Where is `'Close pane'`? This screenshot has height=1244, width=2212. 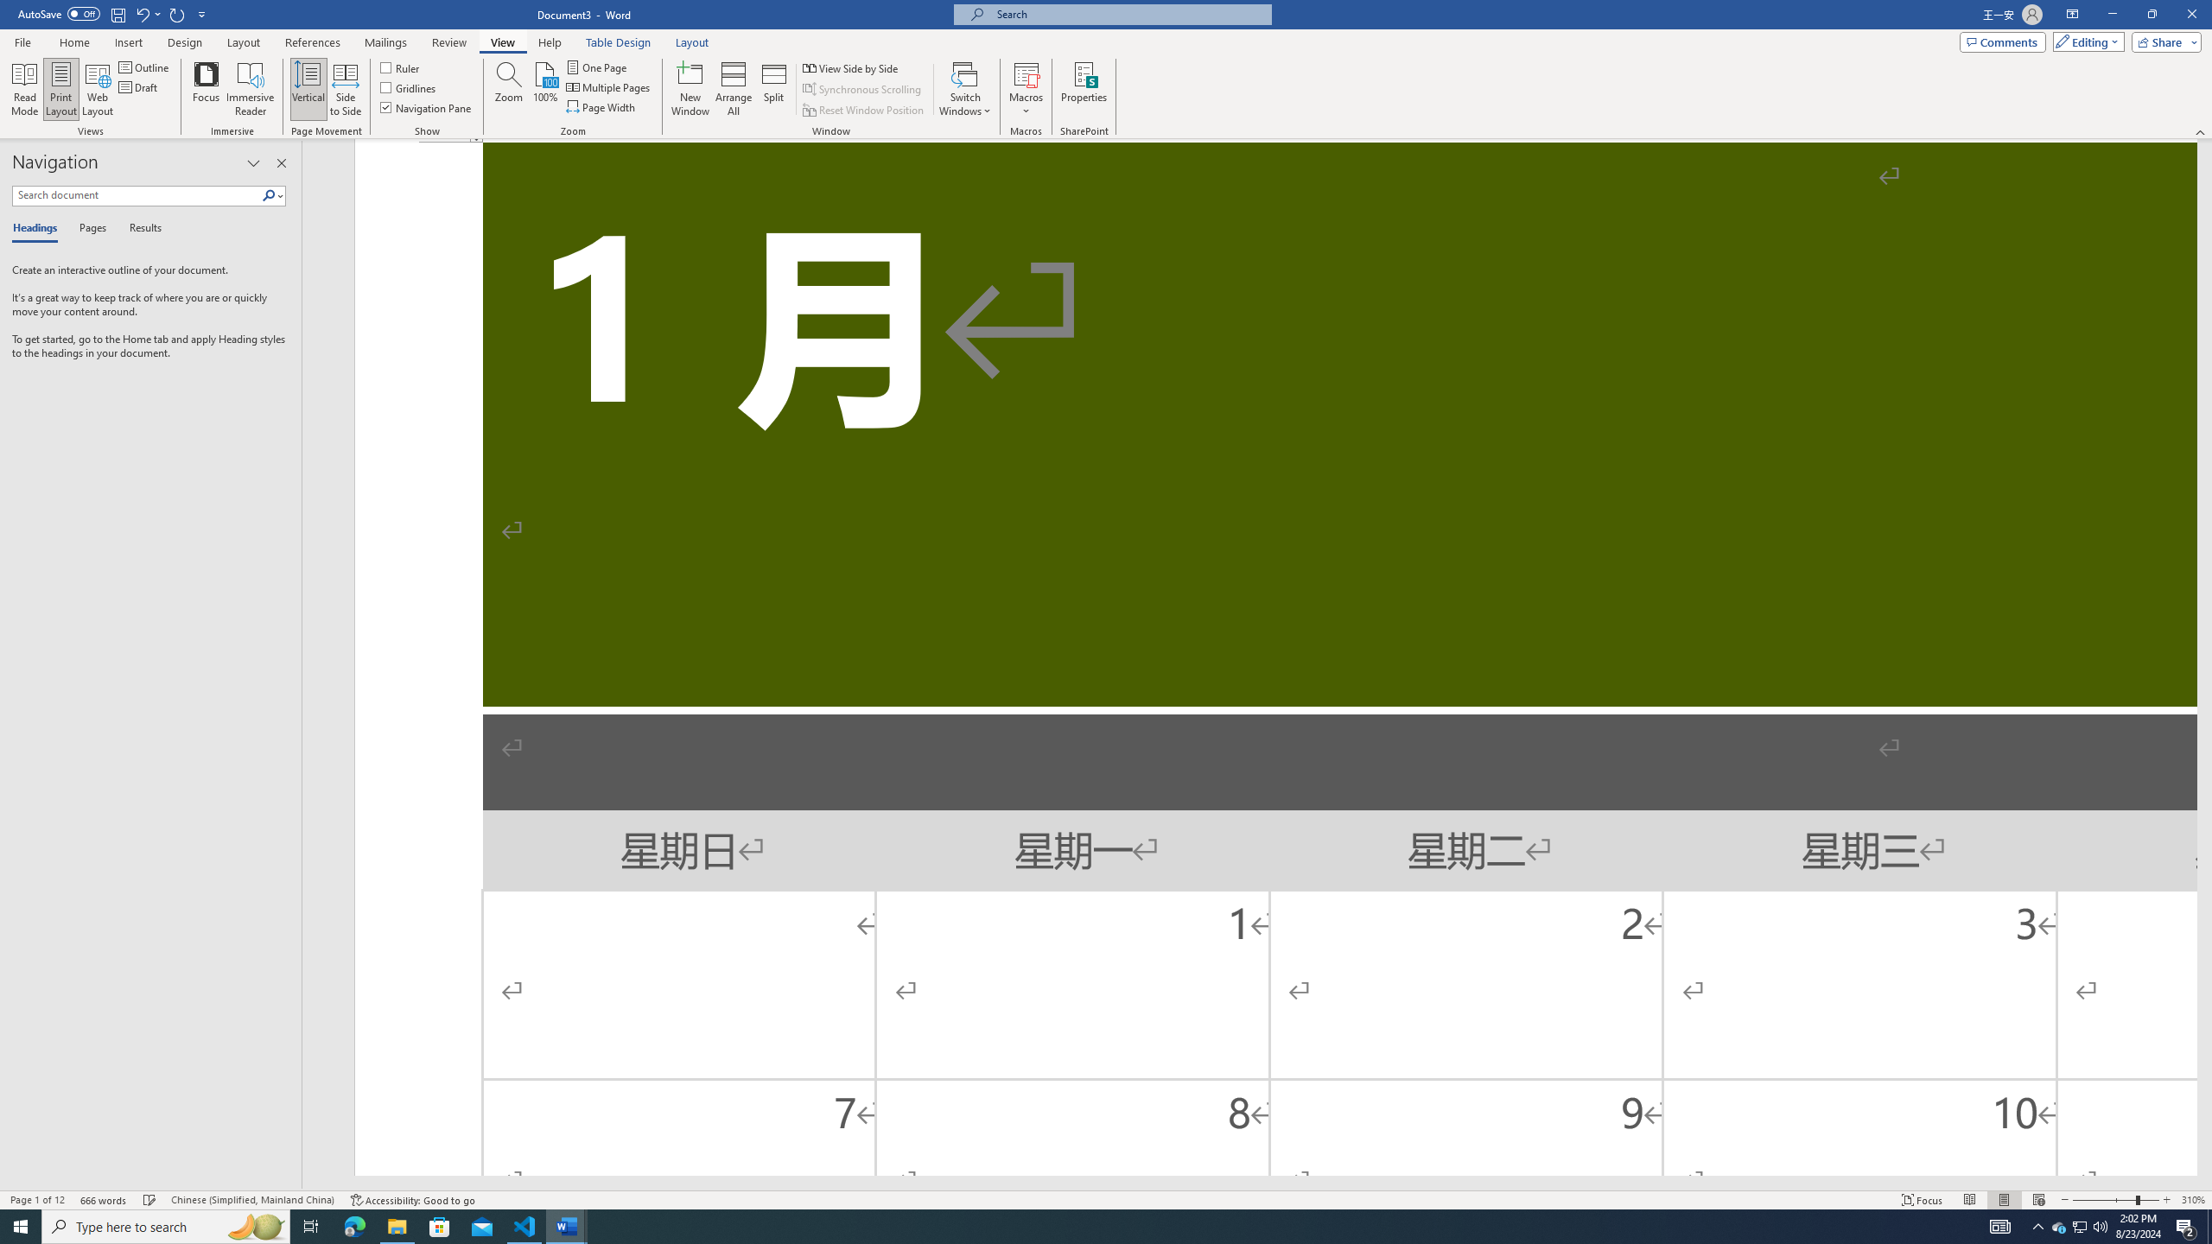 'Close pane' is located at coordinates (282, 162).